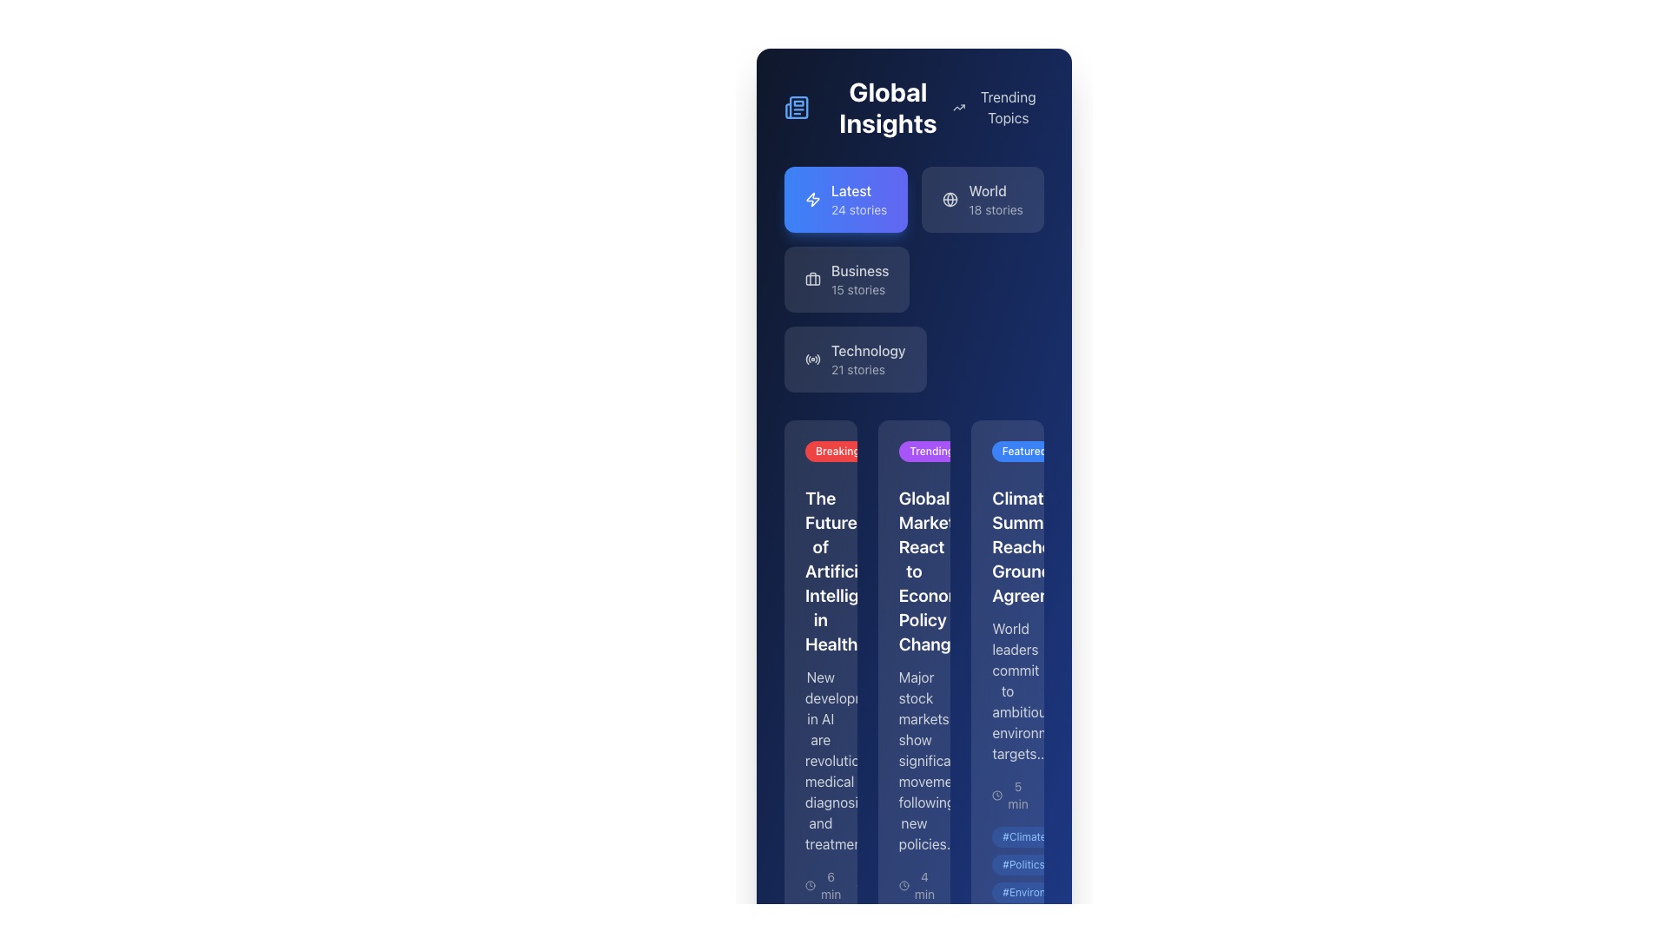 Image resolution: width=1668 pixels, height=938 pixels. Describe the element at coordinates (913, 455) in the screenshot. I see `the 'Trending' label, which is displayed in white font on a purple background, located at the top-middle of the card titled 'Global Markets React to Economic Policy Changes'` at that location.